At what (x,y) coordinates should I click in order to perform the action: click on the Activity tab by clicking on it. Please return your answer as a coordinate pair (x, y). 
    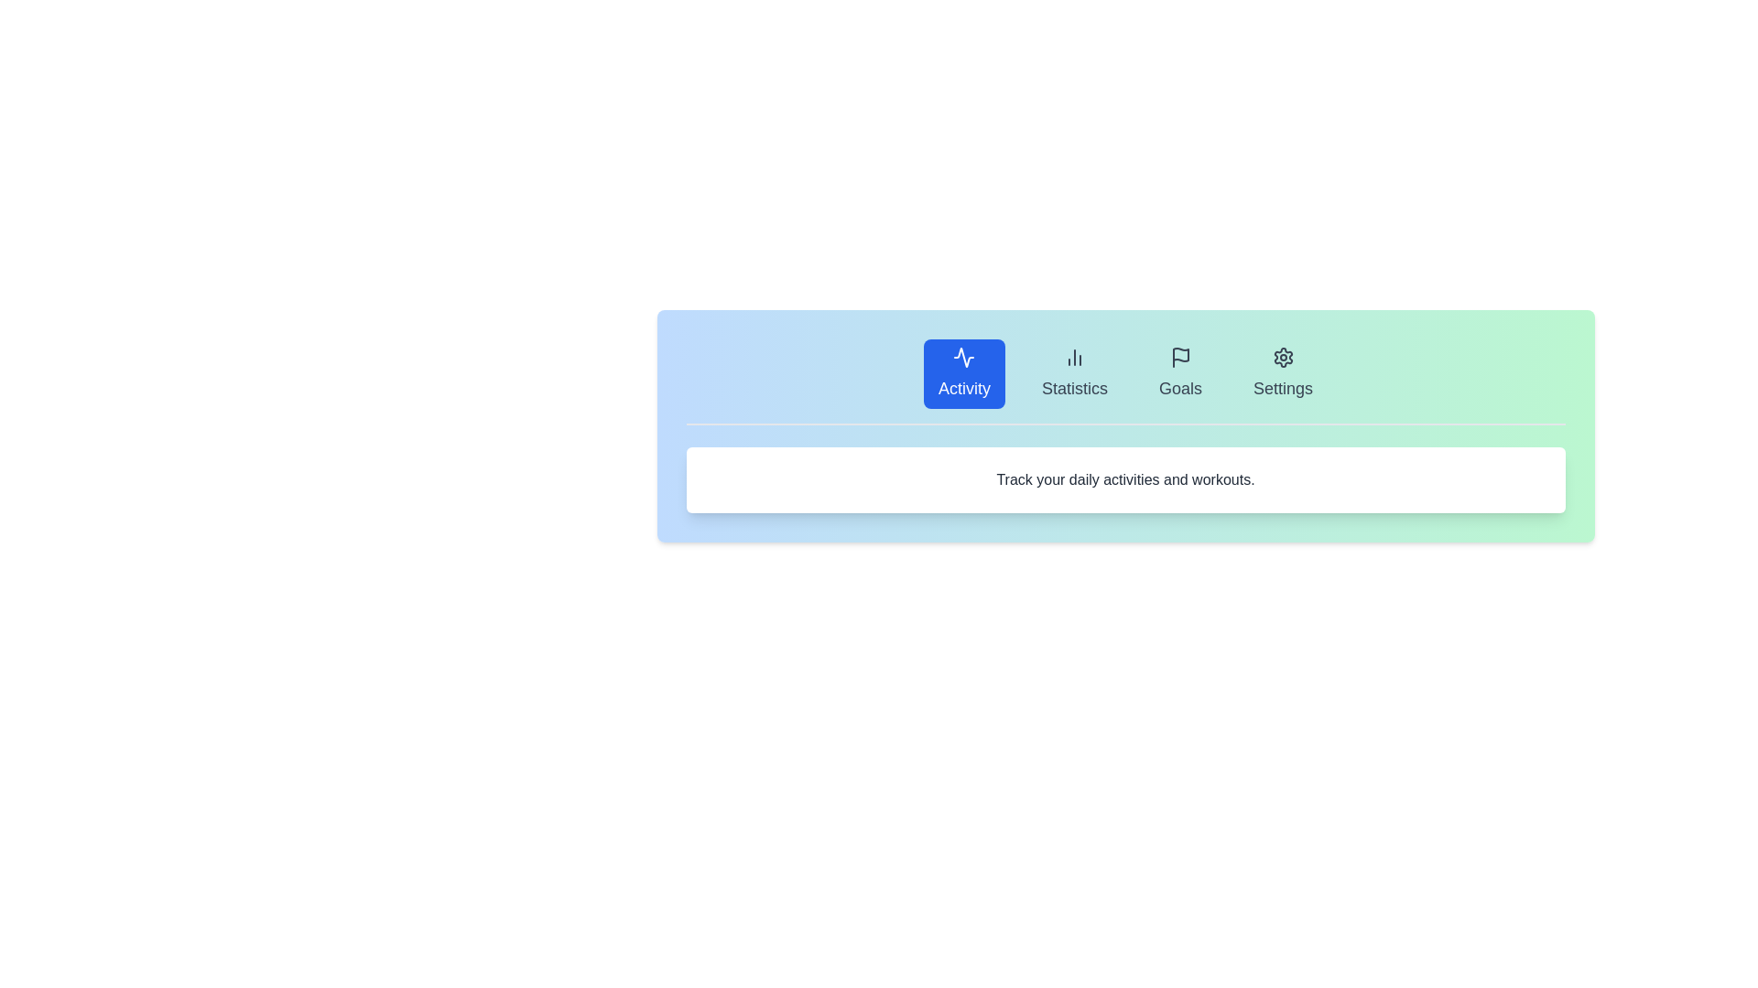
    Looking at the image, I should click on (963, 372).